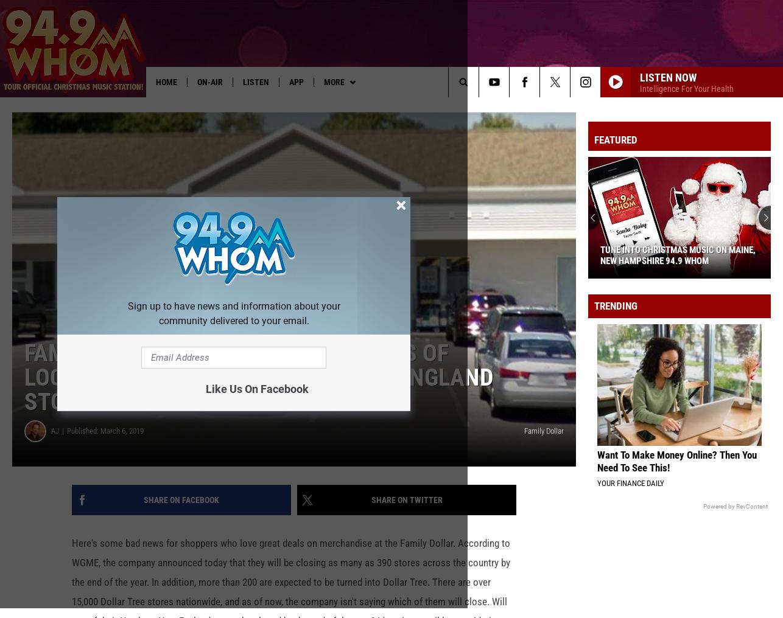  I want to click on '$500 Target Gift Card', so click(594, 106).